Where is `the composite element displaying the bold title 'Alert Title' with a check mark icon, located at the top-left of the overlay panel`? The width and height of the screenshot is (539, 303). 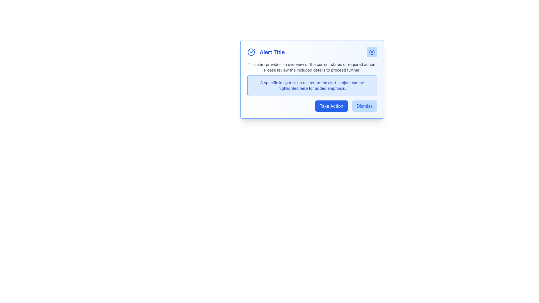
the composite element displaying the bold title 'Alert Title' with a check mark icon, located at the top-left of the overlay panel is located at coordinates (266, 52).